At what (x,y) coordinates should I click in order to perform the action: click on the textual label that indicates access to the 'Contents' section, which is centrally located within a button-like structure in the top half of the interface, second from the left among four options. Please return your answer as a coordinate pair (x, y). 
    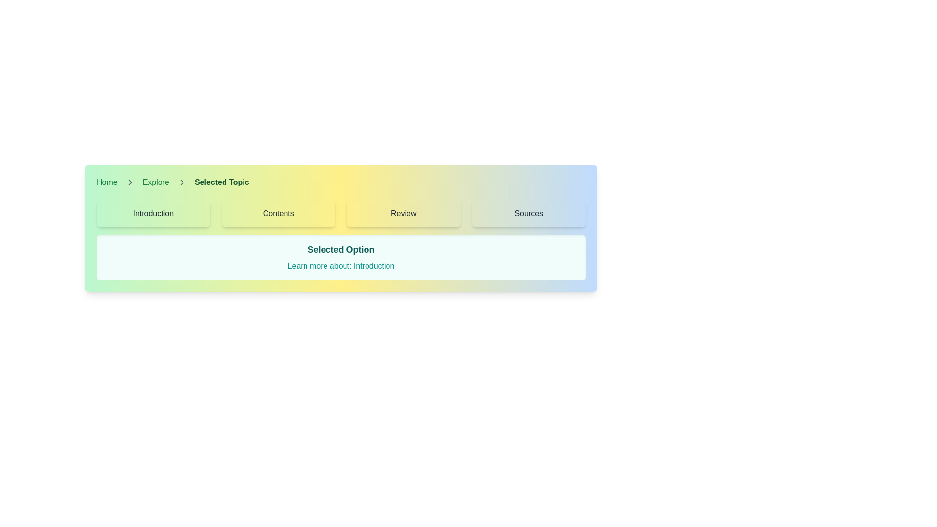
    Looking at the image, I should click on (278, 213).